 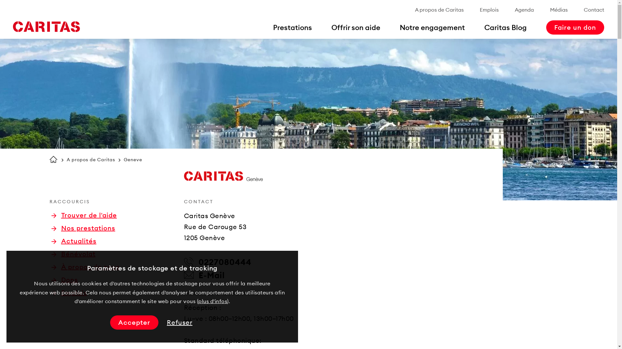 I want to click on 'Open sub menu', so click(x=8, y=8).